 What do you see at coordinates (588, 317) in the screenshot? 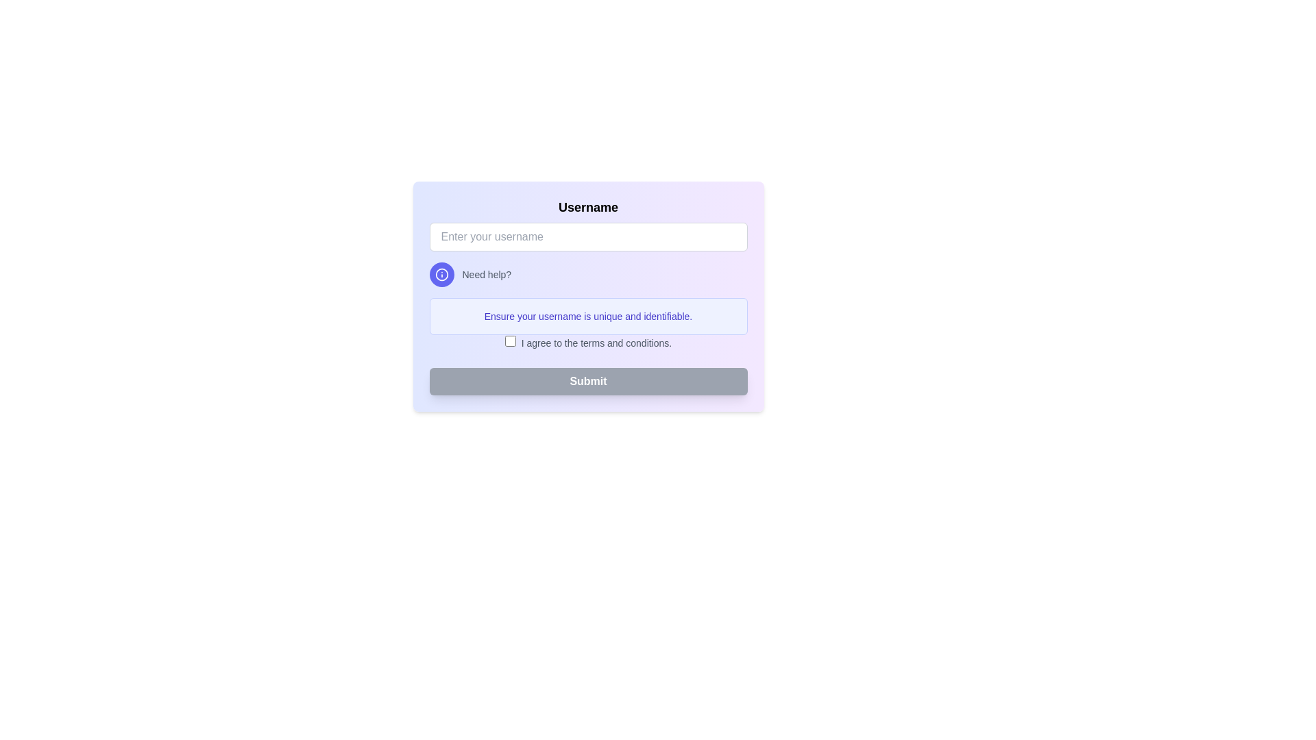
I see `the informational text label providing guidance about username creation located within the rectangular notification box beneath the username input field` at bounding box center [588, 317].